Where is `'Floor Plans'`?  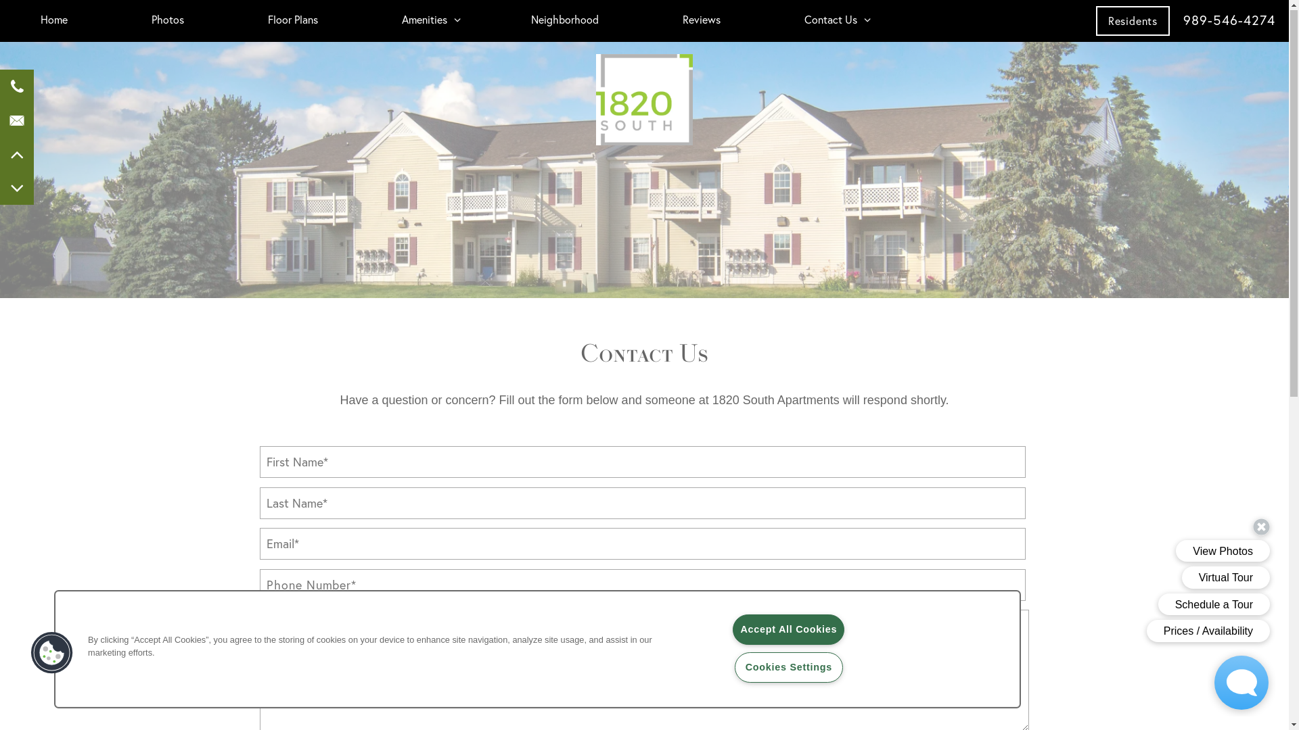 'Floor Plans' is located at coordinates (292, 20).